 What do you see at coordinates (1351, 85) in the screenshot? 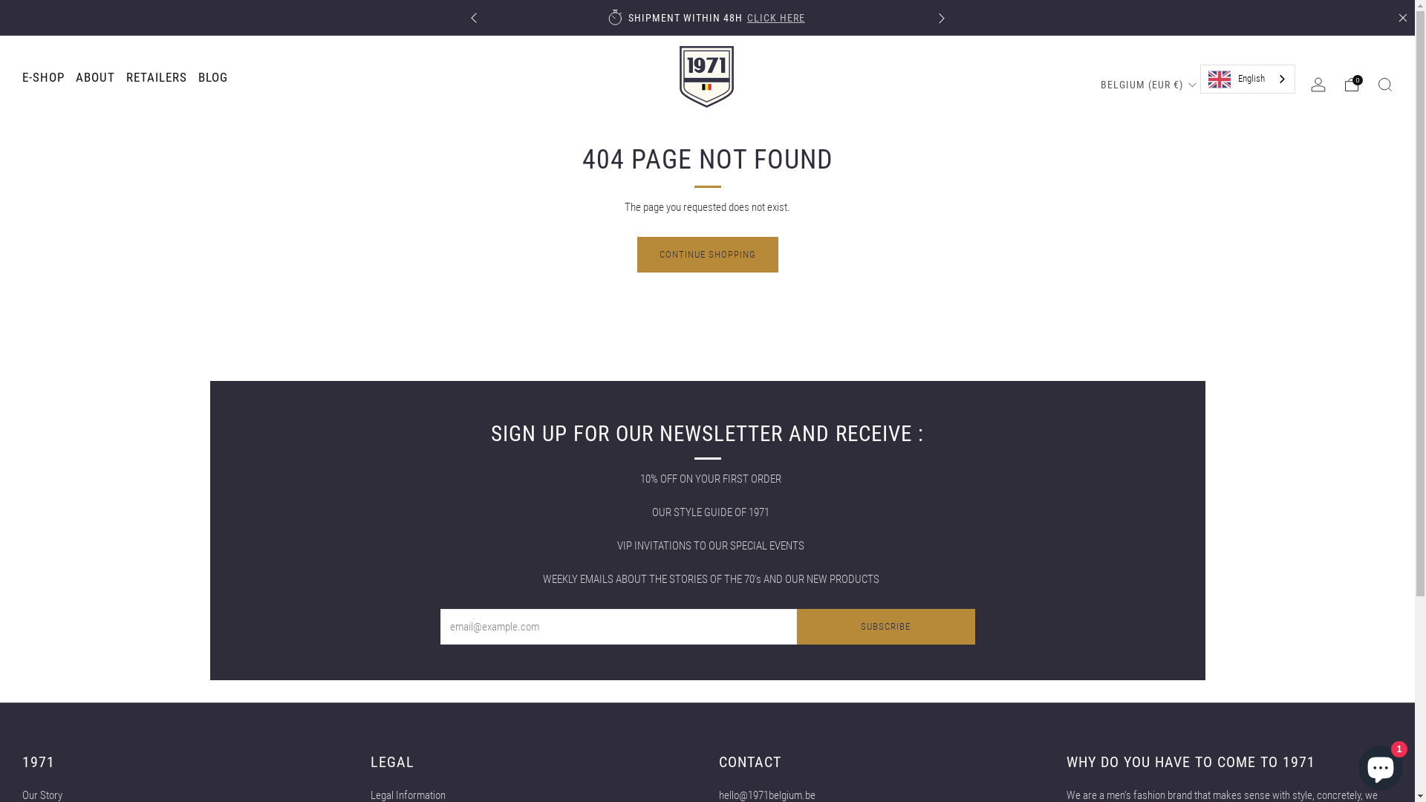
I see `'0'` at bounding box center [1351, 85].